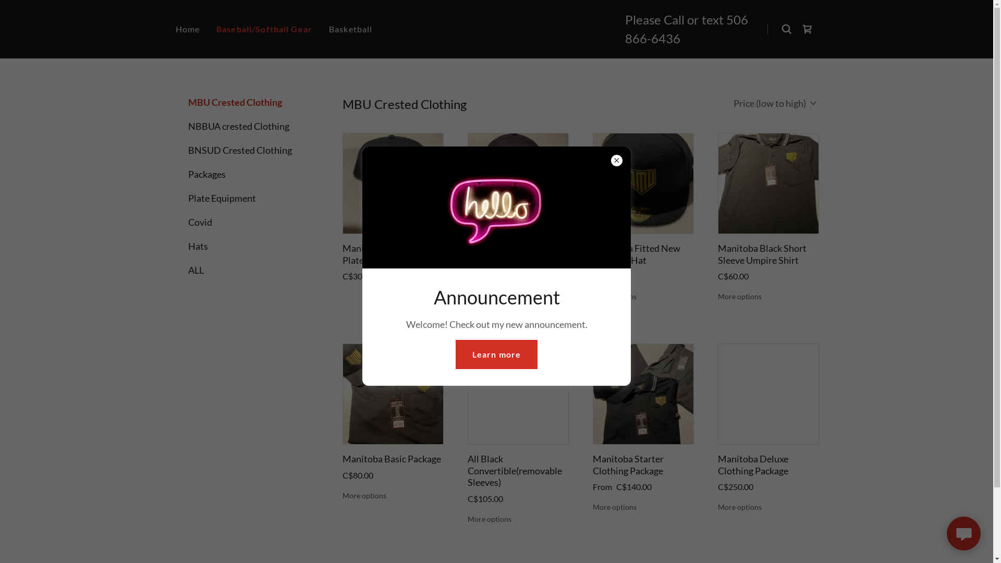 The image size is (1001, 563). Describe the element at coordinates (188, 126) in the screenshot. I see `'NBBUA crested Clothing'` at that location.